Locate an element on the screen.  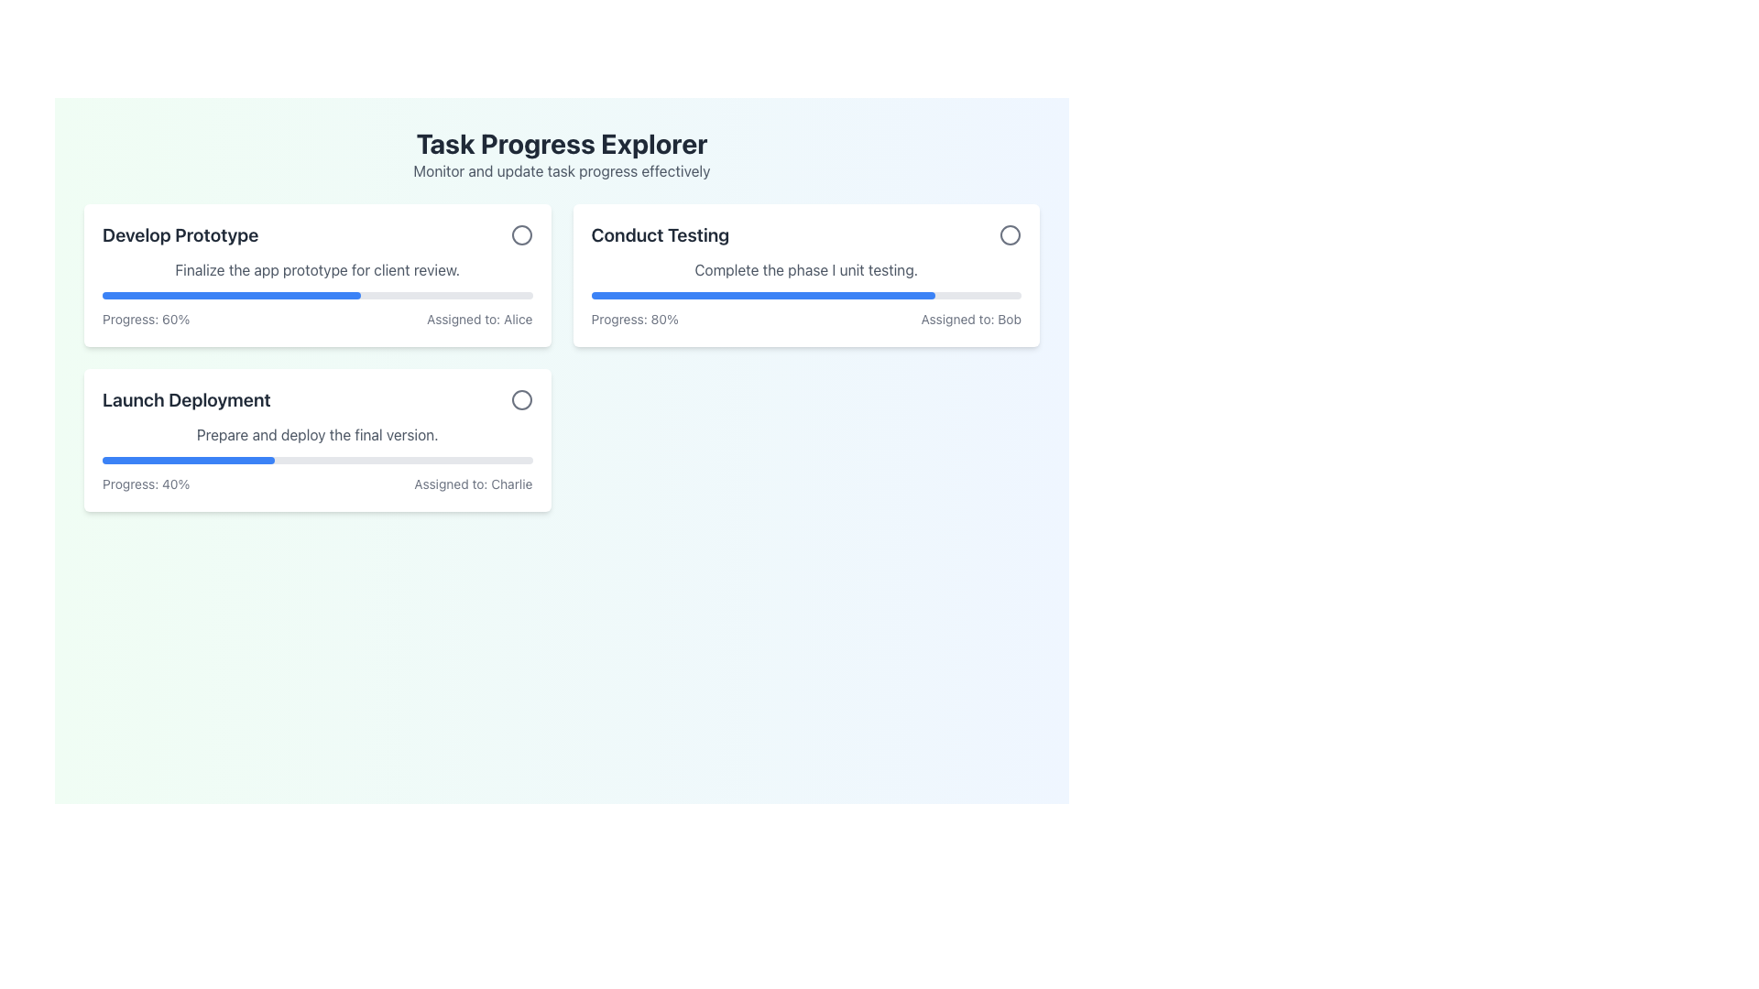
task details associated with the text label displaying 'Assigned to: Alice' located at the bottom-right corner of the 'Develop Prototype' task card is located at coordinates (479, 318).